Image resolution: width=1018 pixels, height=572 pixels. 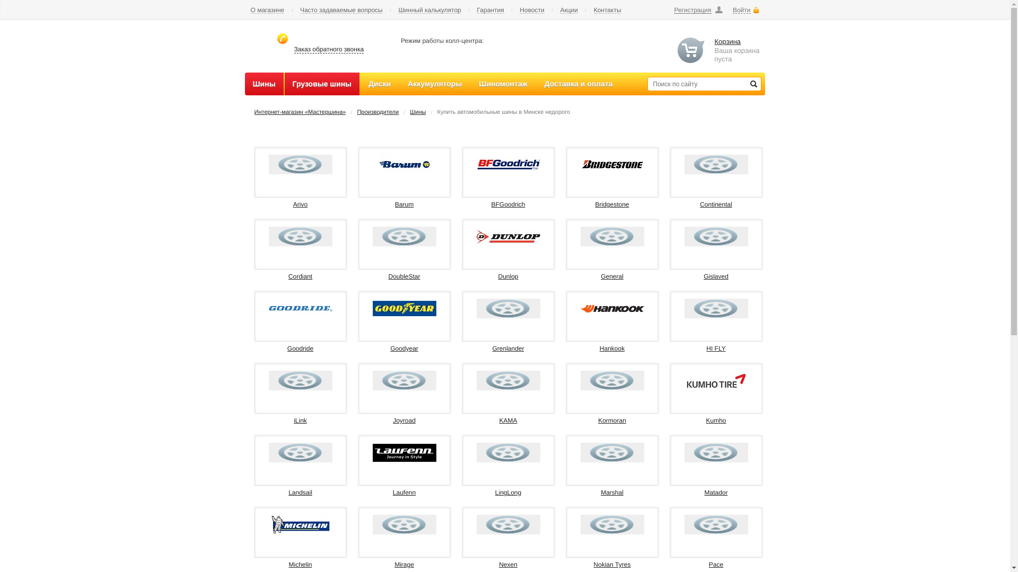 What do you see at coordinates (403, 275) in the screenshot?
I see `'DoubleStar'` at bounding box center [403, 275].